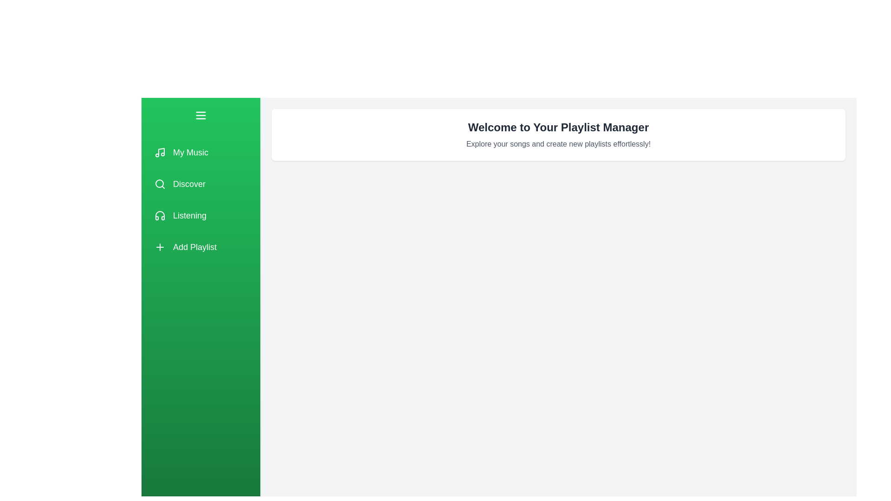  Describe the element at coordinates (200, 152) in the screenshot. I see `the playlist option labeled My Music` at that location.